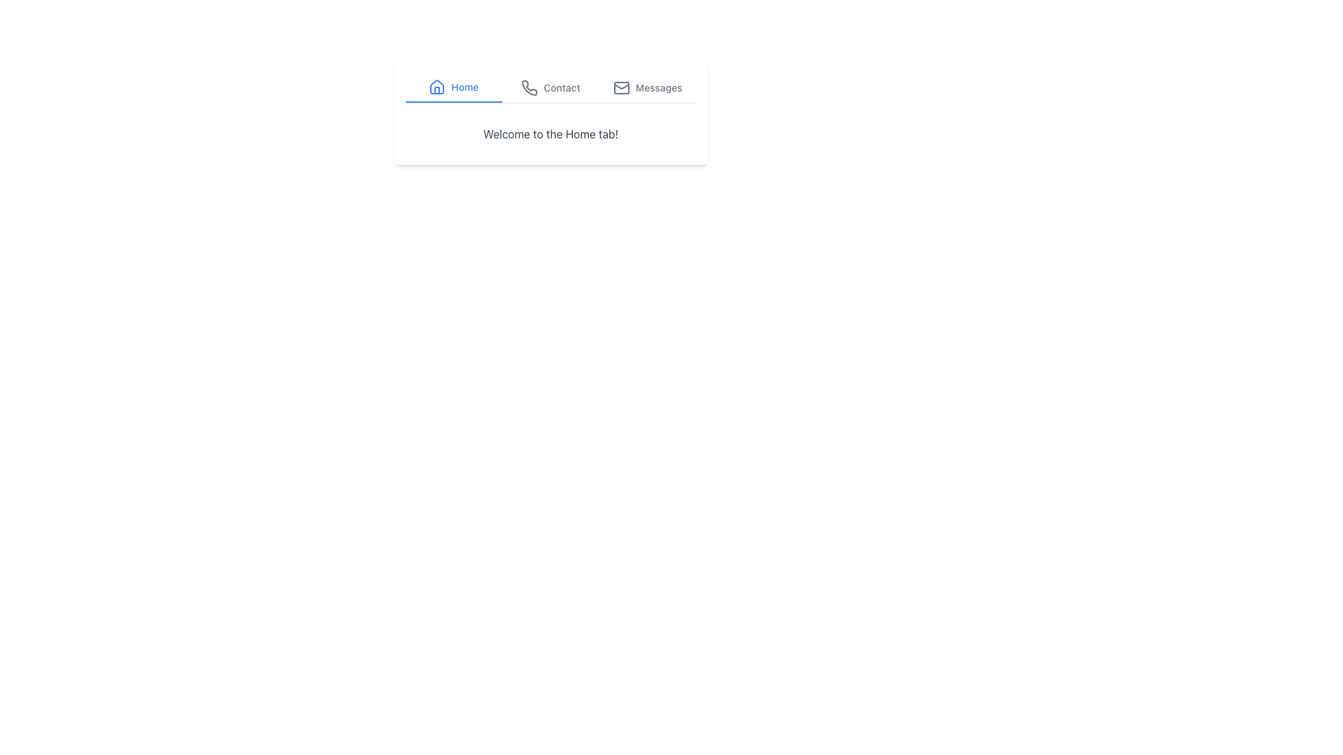 The width and height of the screenshot is (1343, 755). Describe the element at coordinates (529, 87) in the screenshot. I see `the navigation icon that represents a vector graphic for accessing contact or call features, located second from the left in the row of navigation icons` at that location.